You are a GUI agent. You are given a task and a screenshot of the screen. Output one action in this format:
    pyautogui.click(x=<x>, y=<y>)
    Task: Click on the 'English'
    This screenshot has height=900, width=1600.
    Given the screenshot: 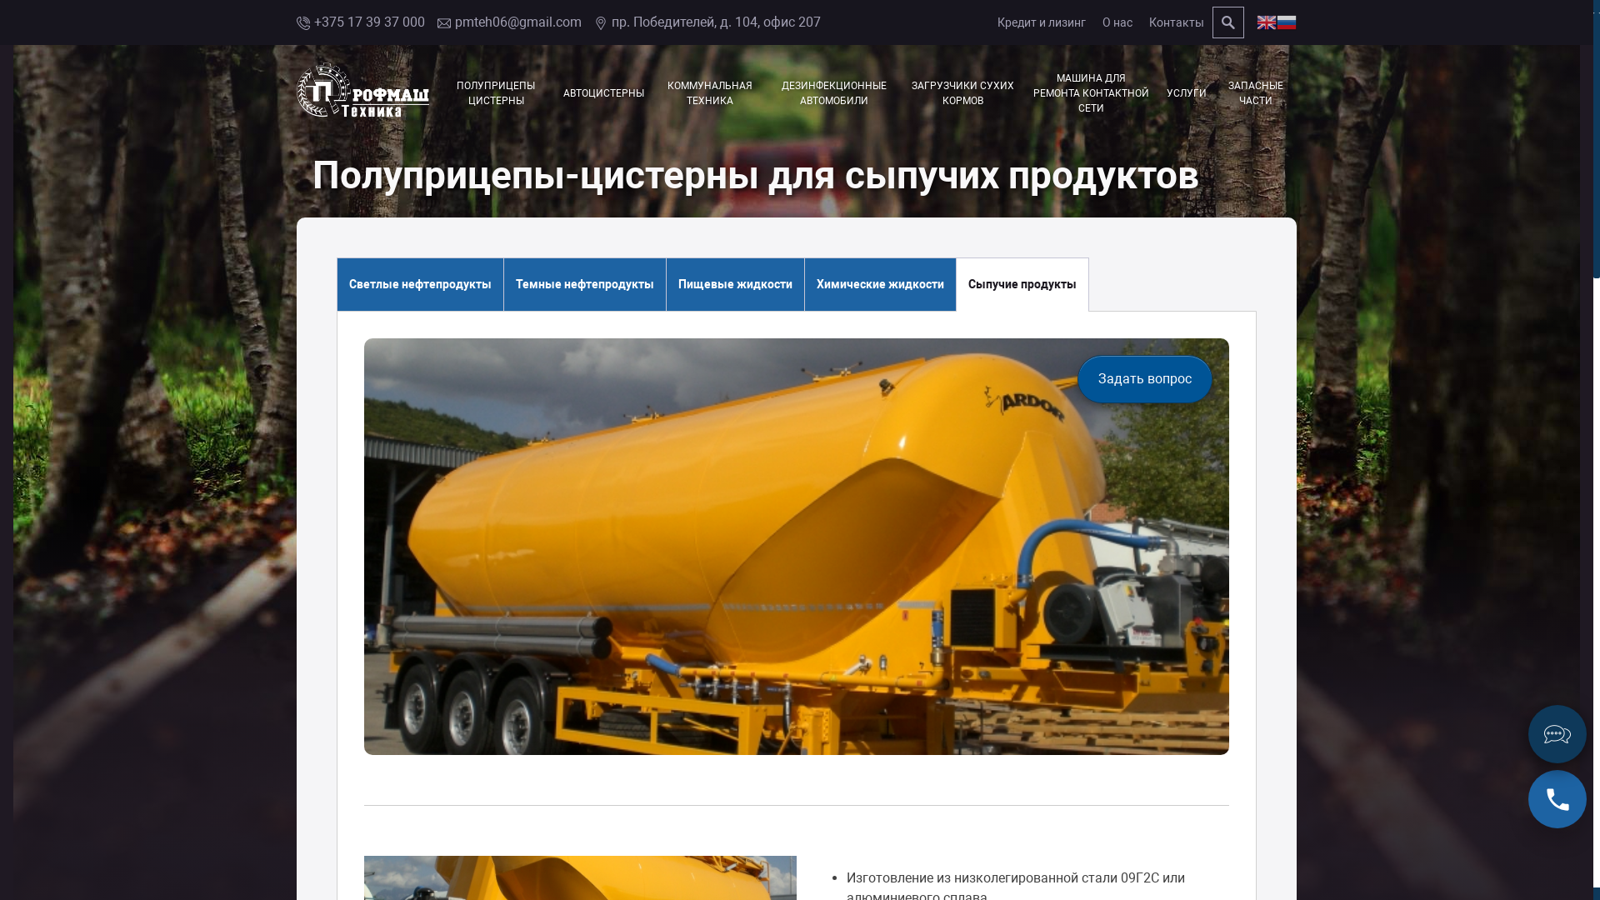 What is the action you would take?
    pyautogui.click(x=1267, y=22)
    